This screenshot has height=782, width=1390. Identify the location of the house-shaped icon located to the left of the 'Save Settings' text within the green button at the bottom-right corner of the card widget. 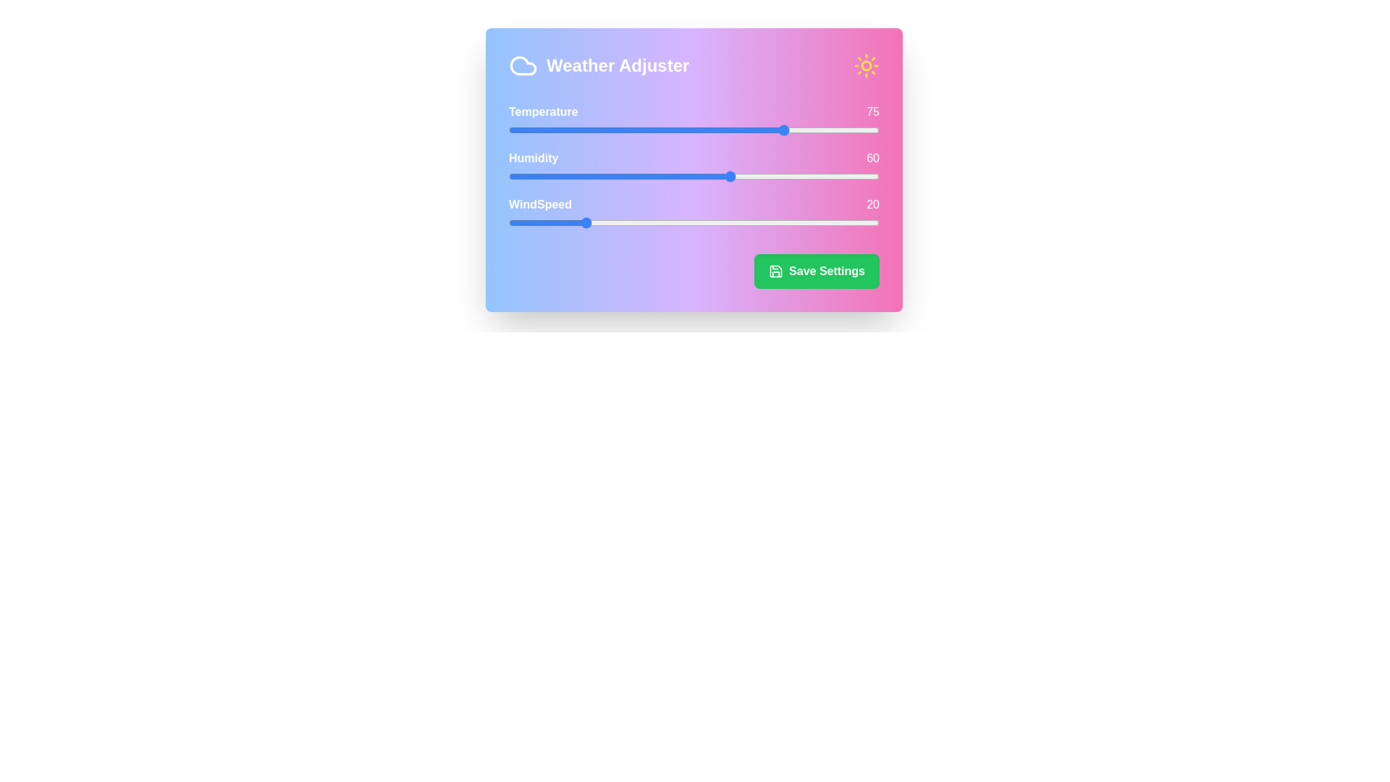
(775, 271).